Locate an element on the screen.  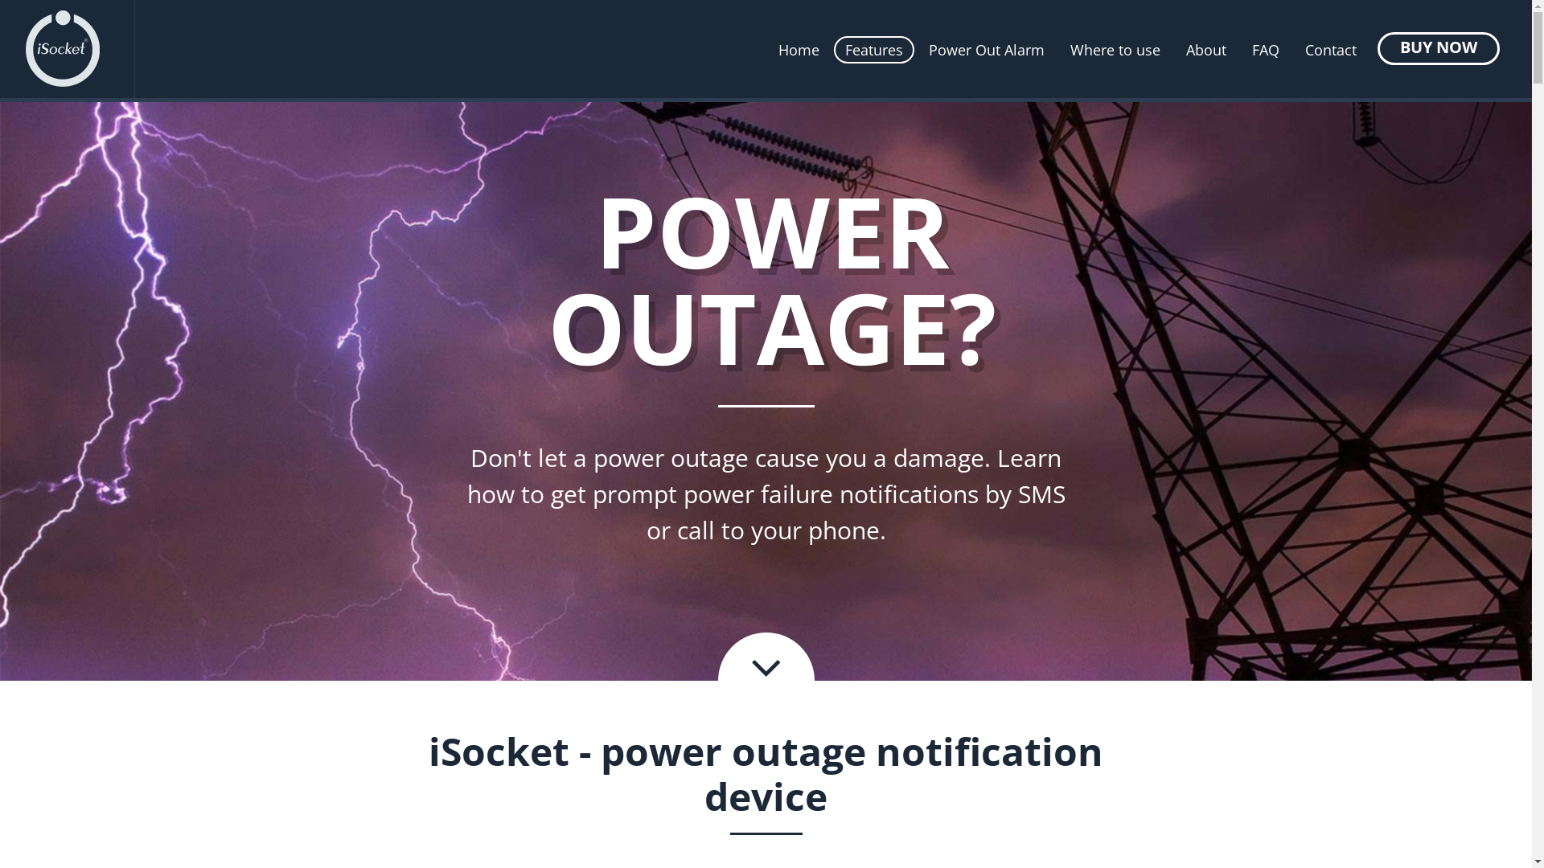
'Features' is located at coordinates (873, 48).